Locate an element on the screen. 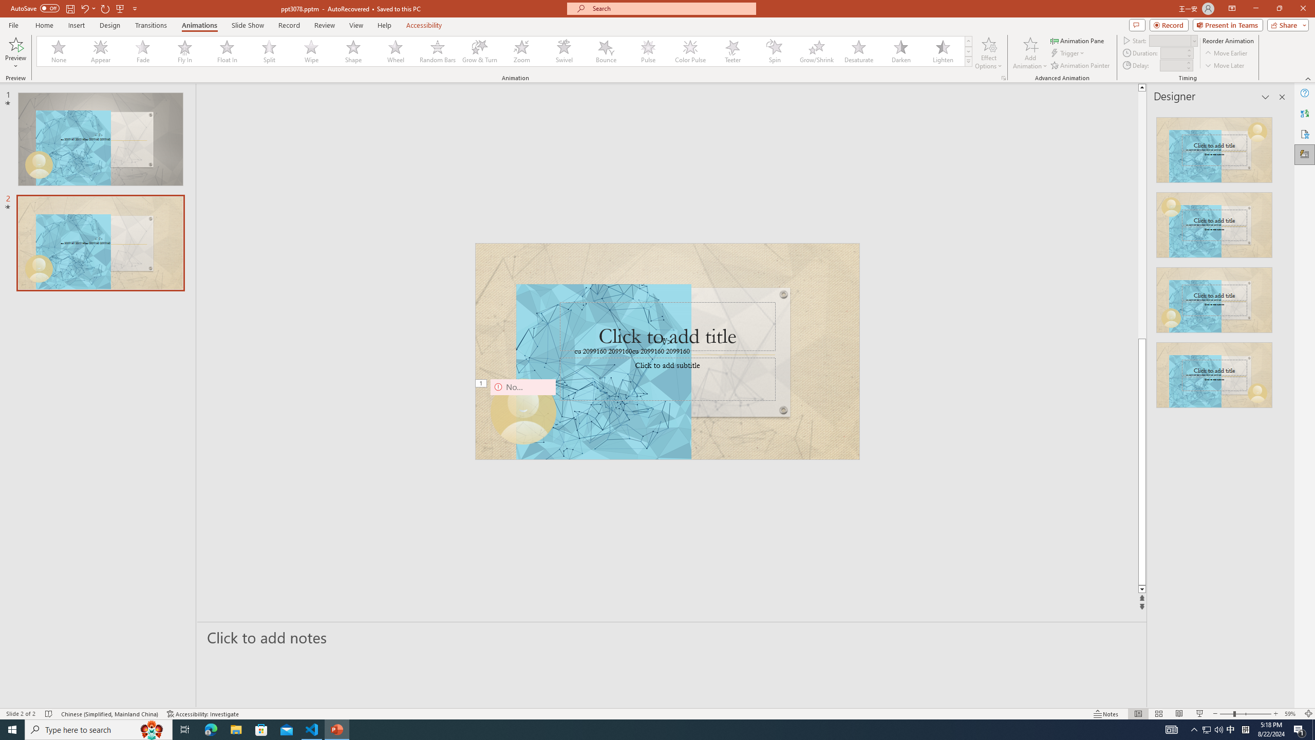  'Animation Painter' is located at coordinates (1080, 65).